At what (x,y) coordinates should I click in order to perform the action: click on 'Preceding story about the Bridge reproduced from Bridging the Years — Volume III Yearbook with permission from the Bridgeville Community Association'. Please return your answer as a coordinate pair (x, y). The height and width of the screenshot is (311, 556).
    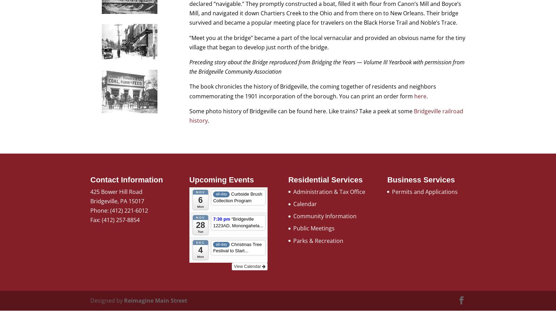
    Looking at the image, I should click on (189, 66).